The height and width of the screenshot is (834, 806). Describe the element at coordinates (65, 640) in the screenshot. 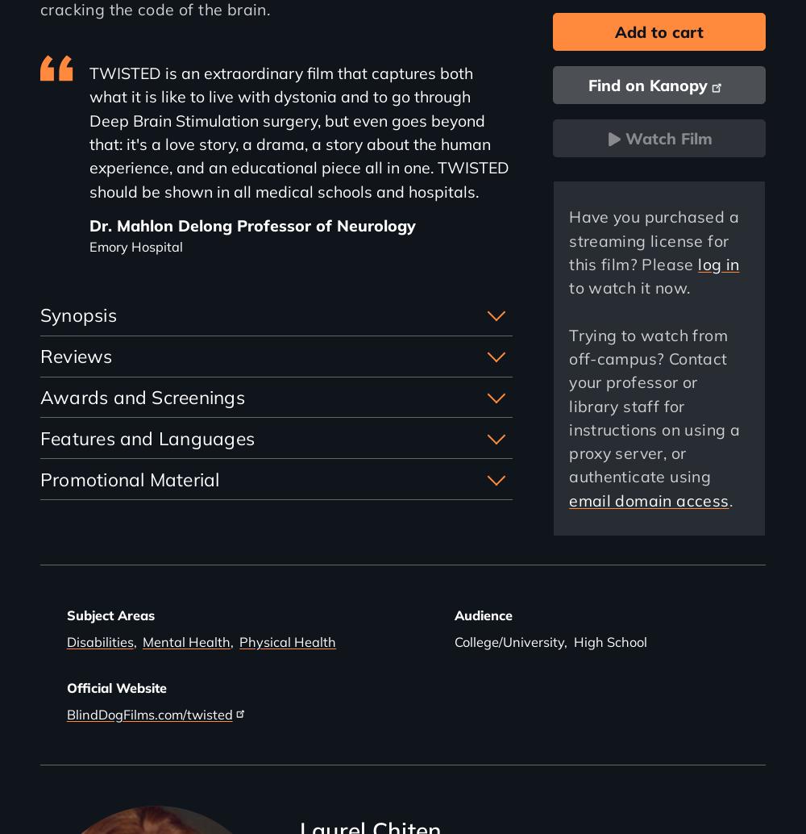

I see `'Disabilities'` at that location.